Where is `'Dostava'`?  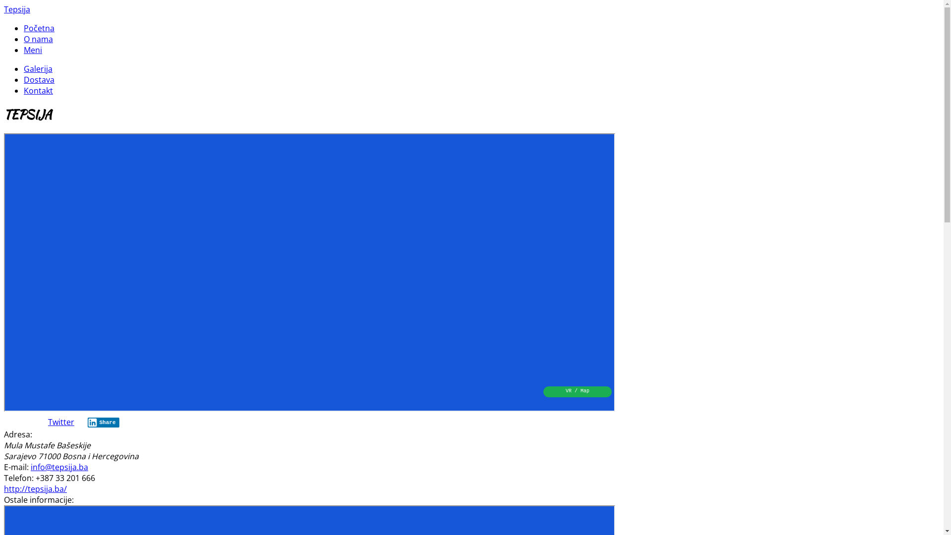
'Dostava' is located at coordinates (39, 79).